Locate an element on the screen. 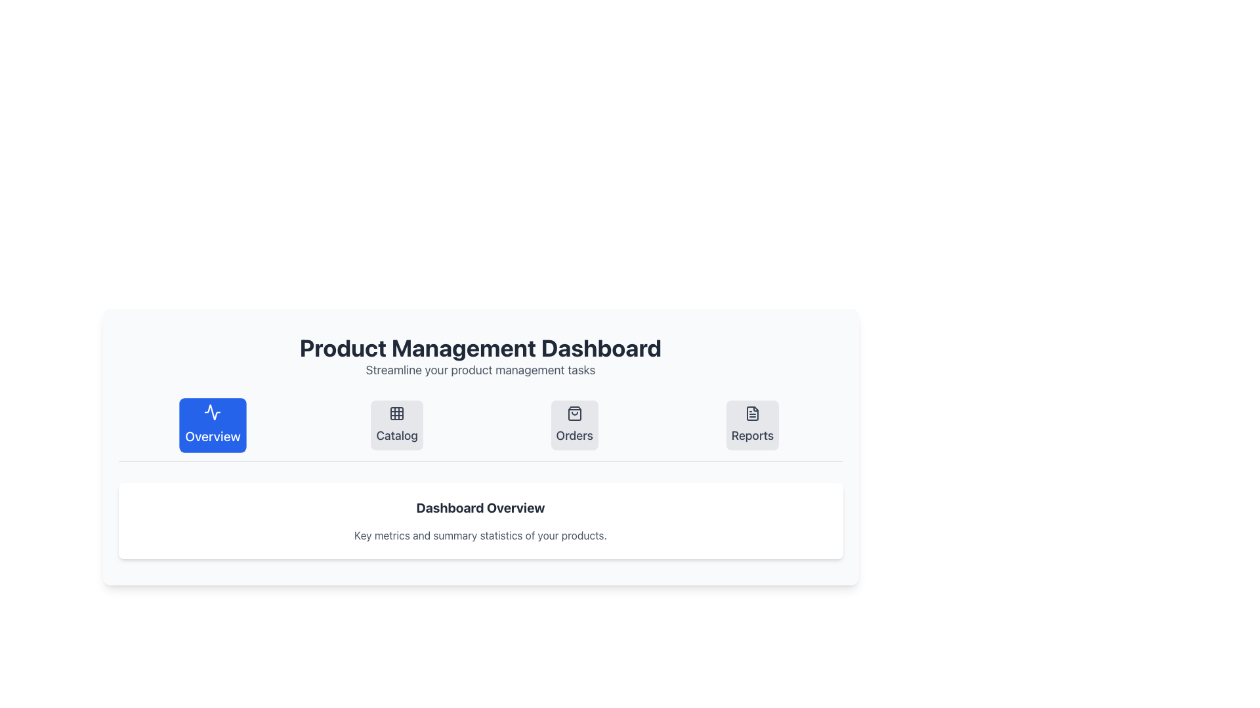 The image size is (1260, 708). the icon indicating access to the 'Reports' section in the dashboard interface is located at coordinates (752, 414).